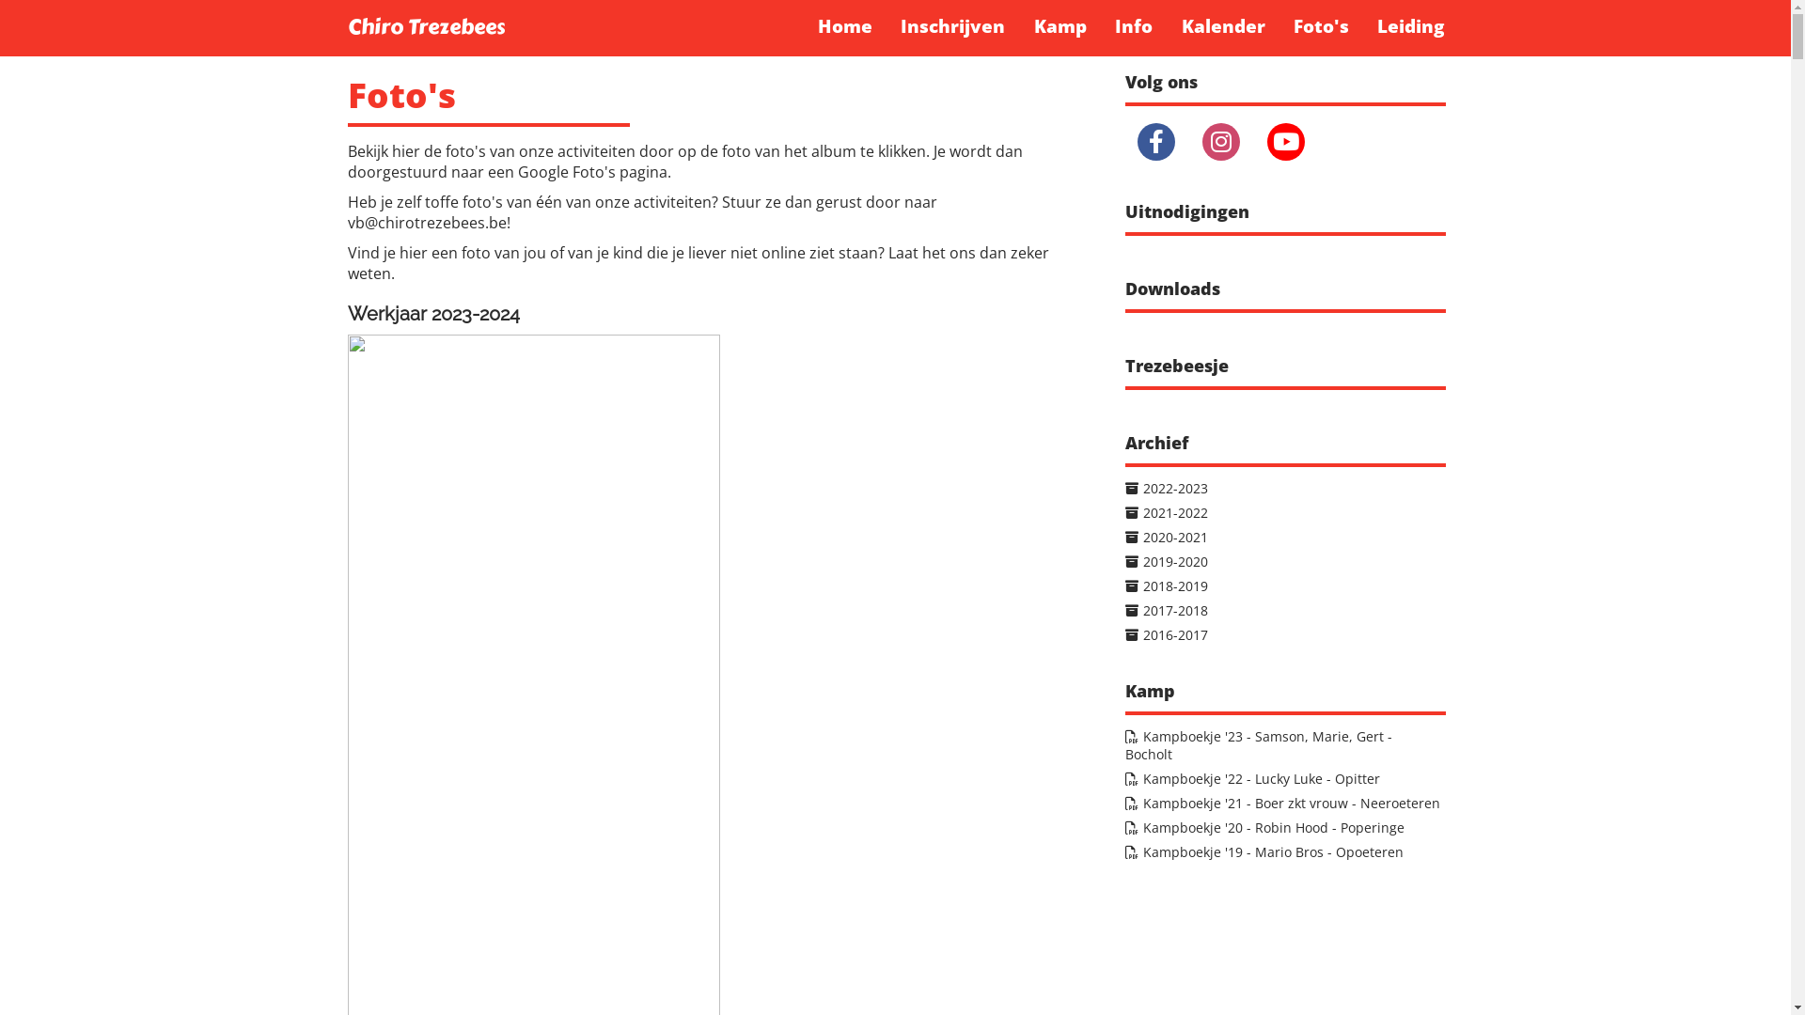 This screenshot has height=1015, width=1805. Describe the element at coordinates (1411, 25) in the screenshot. I see `'Leiding'` at that location.